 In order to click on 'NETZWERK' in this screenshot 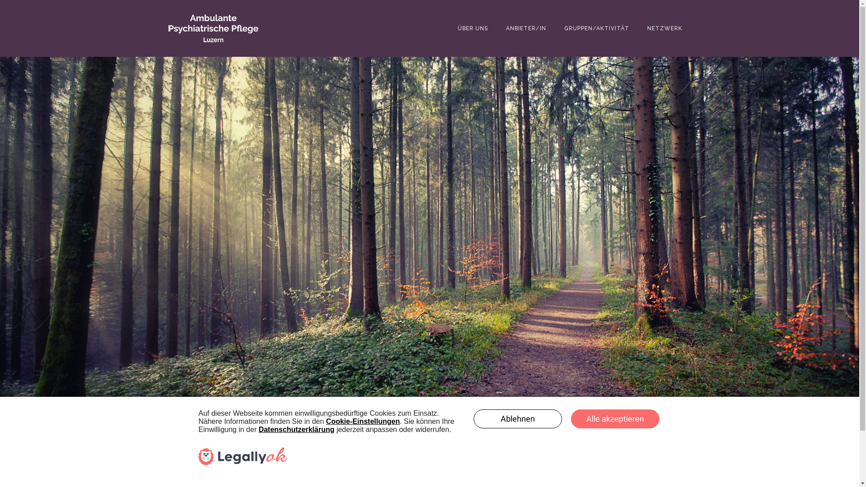, I will do `click(664, 28)`.